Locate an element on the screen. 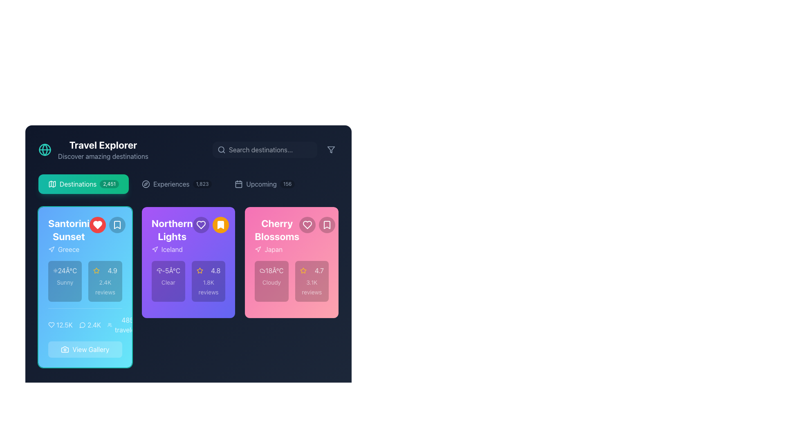  the text label displaying 'Upcoming' located in the navigation bar near the top of the interface, positioned between a calendar icon and a numeric badge showing '156' is located at coordinates (261, 184).